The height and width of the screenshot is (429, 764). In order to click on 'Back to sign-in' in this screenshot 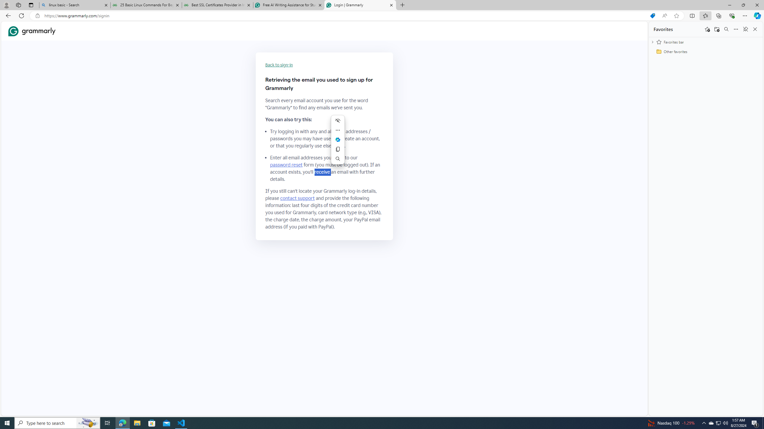, I will do `click(279, 65)`.